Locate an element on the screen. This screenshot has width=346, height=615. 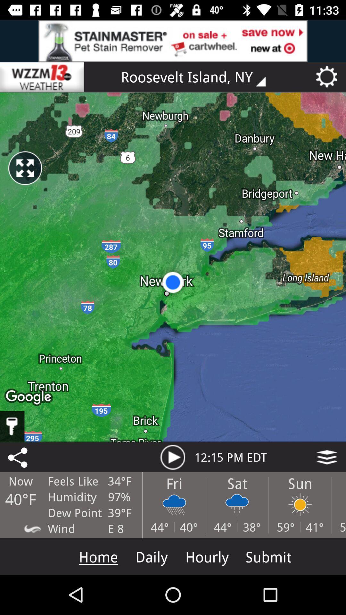
the share icon is located at coordinates (19, 457).